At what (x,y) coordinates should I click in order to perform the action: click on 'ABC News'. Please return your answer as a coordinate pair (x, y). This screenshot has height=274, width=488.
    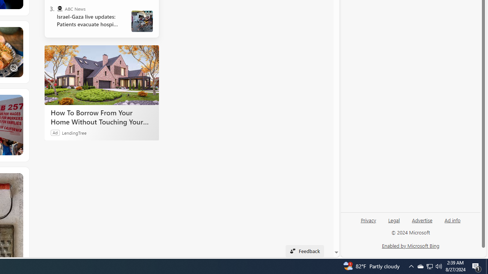
    Looking at the image, I should click on (59, 9).